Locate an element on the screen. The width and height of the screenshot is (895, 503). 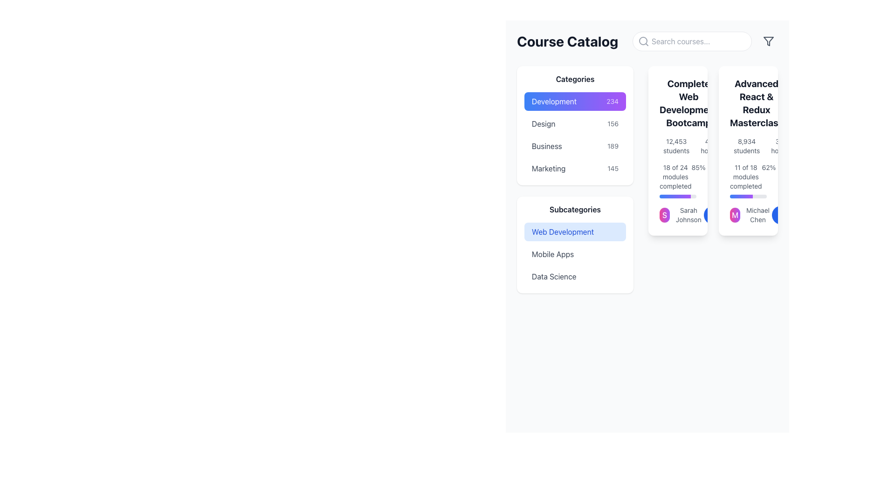
the Avatar icon representing 'Michael Chen' located to the left of the name in the top-right section of the 'Advanced React & Redux Masterclass' card is located at coordinates (734, 215).